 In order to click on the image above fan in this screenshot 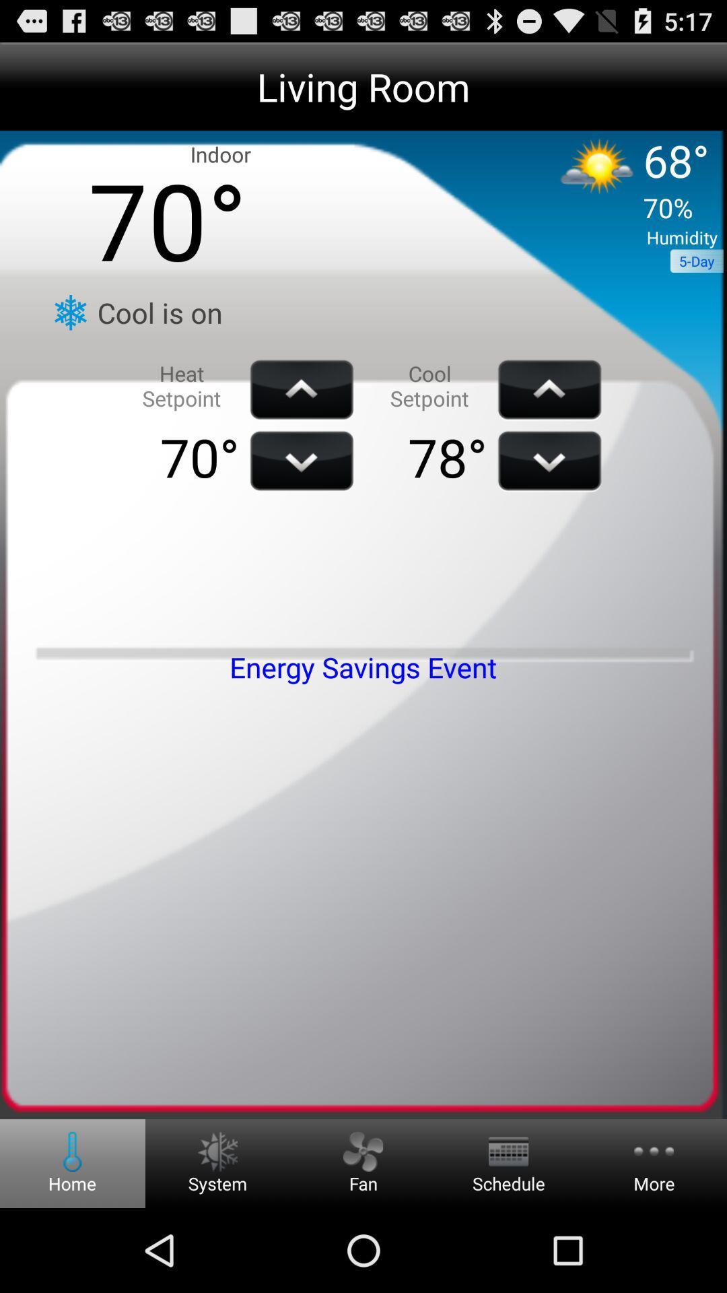, I will do `click(362, 1151)`.